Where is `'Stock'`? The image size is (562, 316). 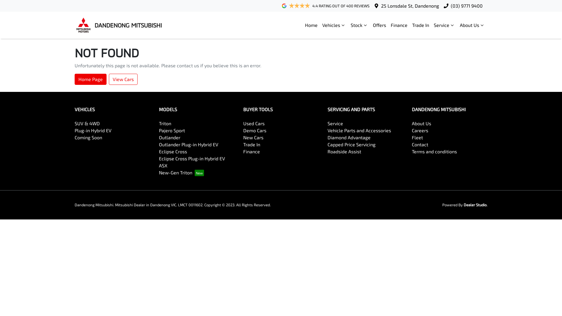
'Stock' is located at coordinates (348, 25).